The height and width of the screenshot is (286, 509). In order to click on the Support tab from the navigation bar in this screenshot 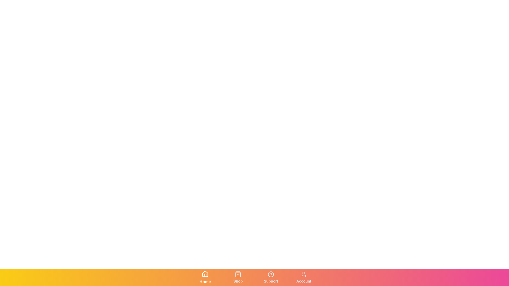, I will do `click(271, 277)`.